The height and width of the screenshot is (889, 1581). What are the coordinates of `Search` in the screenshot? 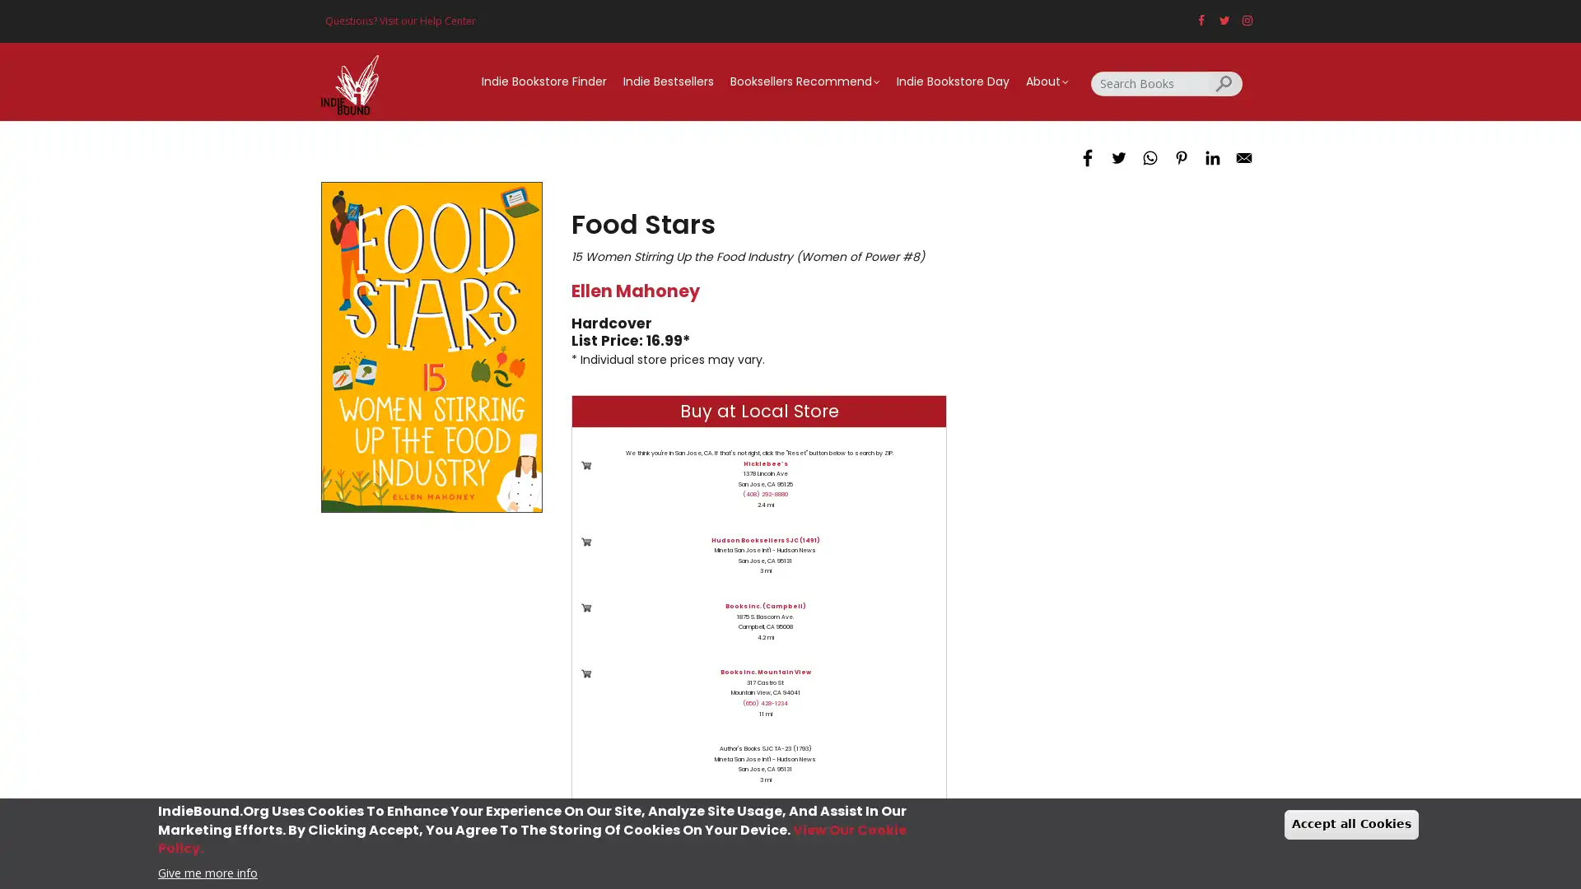 It's located at (1225, 82).